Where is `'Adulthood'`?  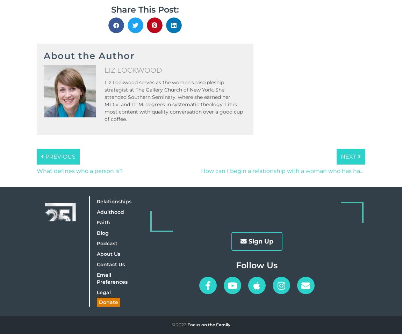 'Adulthood' is located at coordinates (96, 212).